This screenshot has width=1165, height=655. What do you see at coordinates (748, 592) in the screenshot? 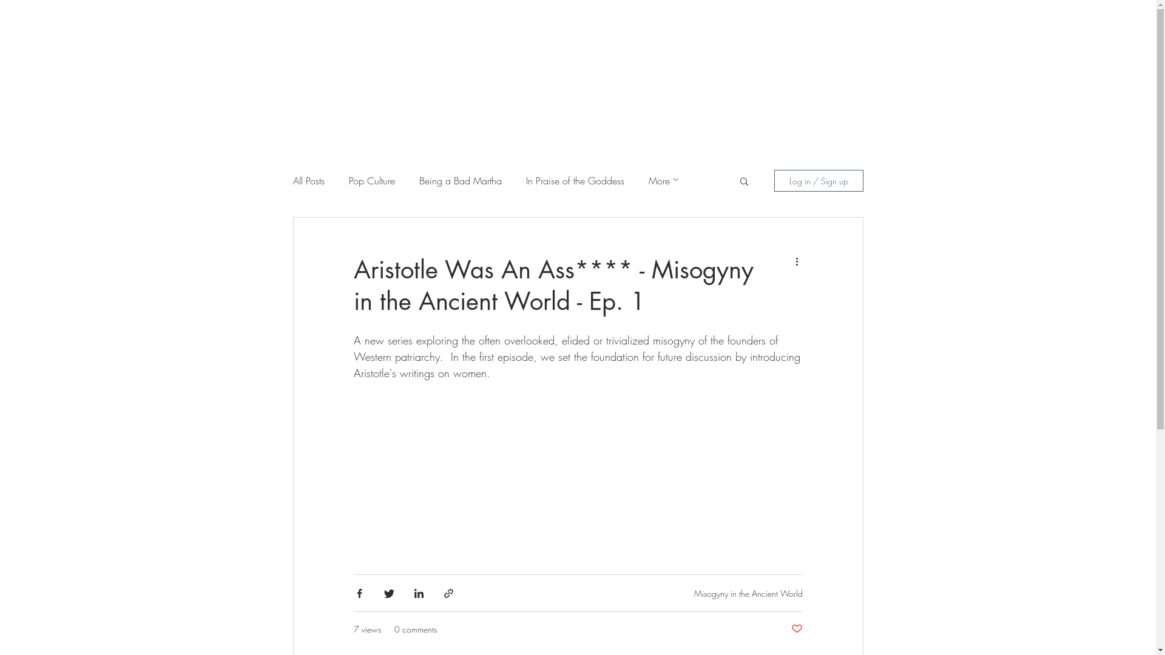
I see `'Misogyny in the Ancient World'` at bounding box center [748, 592].